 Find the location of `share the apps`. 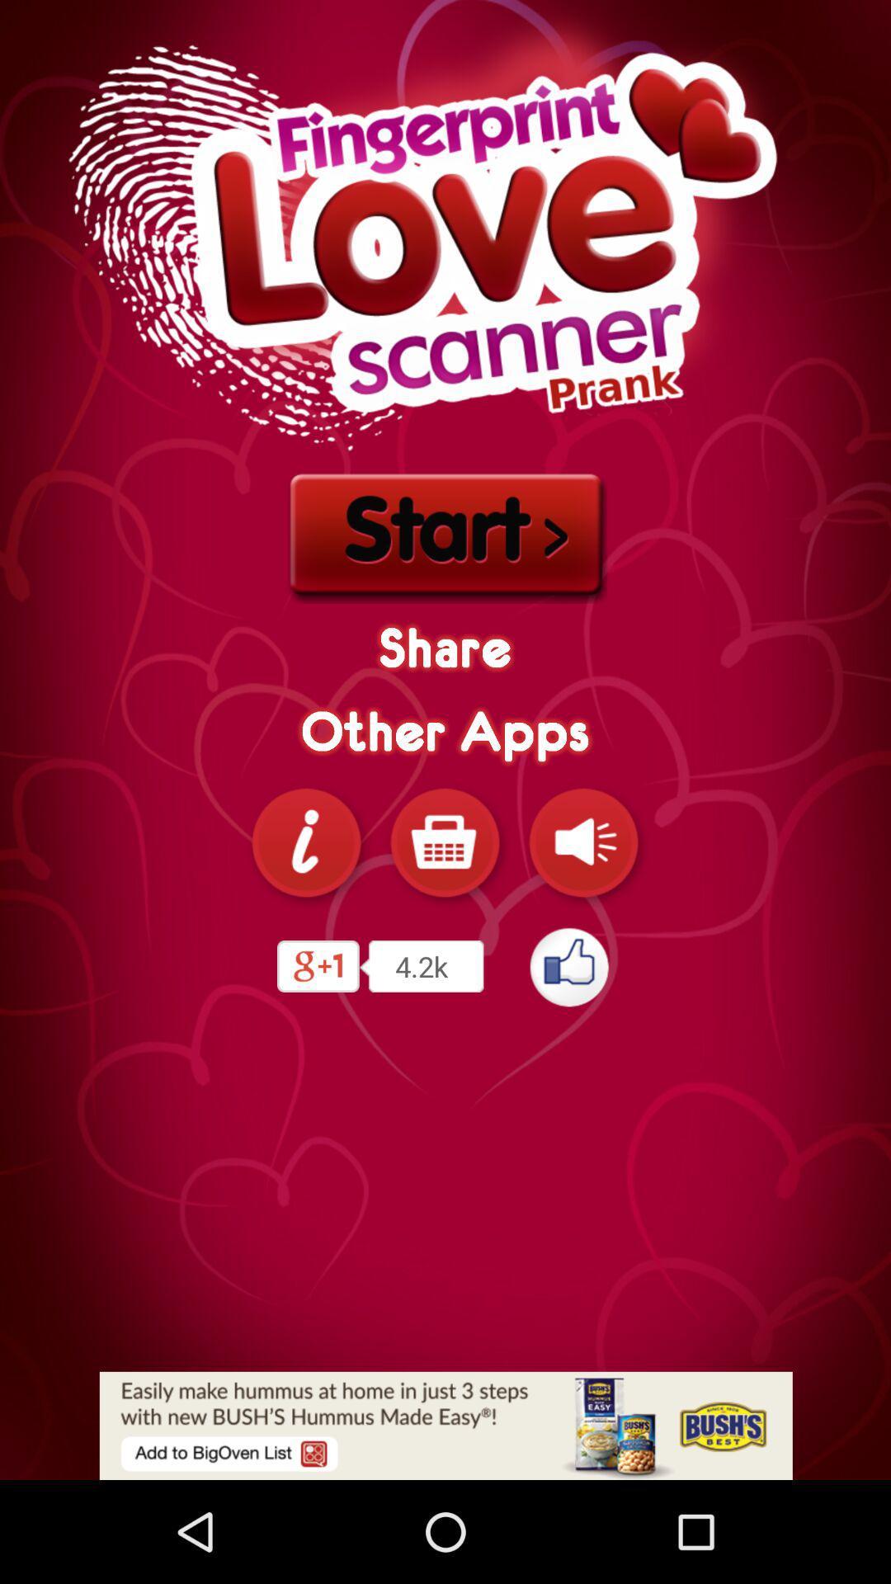

share the apps is located at coordinates (306, 842).